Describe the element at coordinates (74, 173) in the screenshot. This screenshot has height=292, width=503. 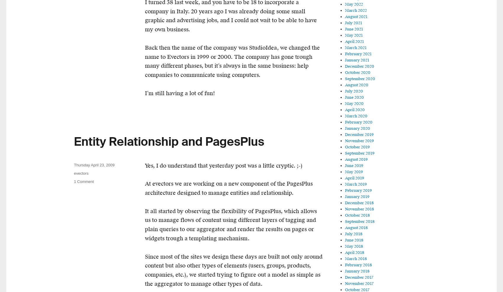
I see `'evectors'` at that location.